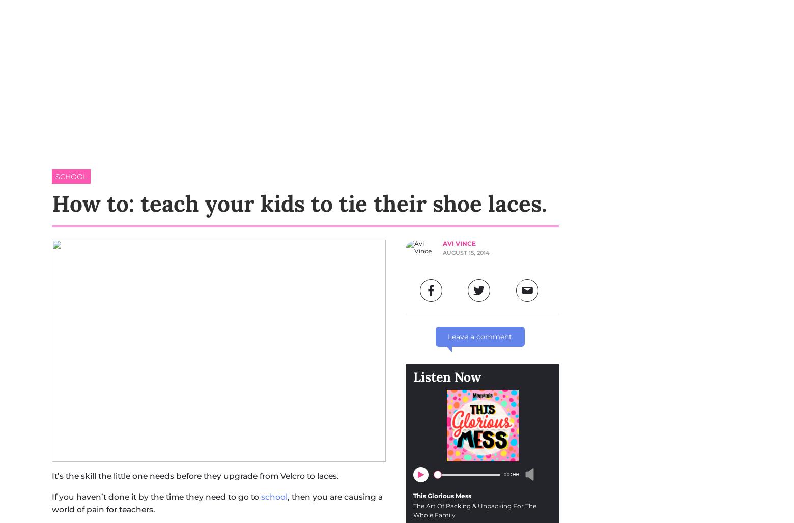  What do you see at coordinates (337, 430) in the screenshot?
I see `'"I had a job as a tutor for a 3-year-old." Let's talk about the new trend in early education.'` at bounding box center [337, 430].